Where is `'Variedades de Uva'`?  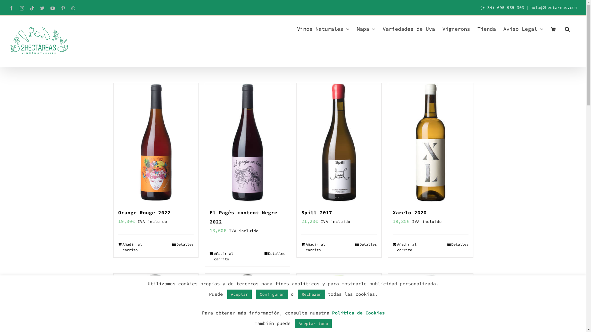
'Variedades de Uva' is located at coordinates (382, 28).